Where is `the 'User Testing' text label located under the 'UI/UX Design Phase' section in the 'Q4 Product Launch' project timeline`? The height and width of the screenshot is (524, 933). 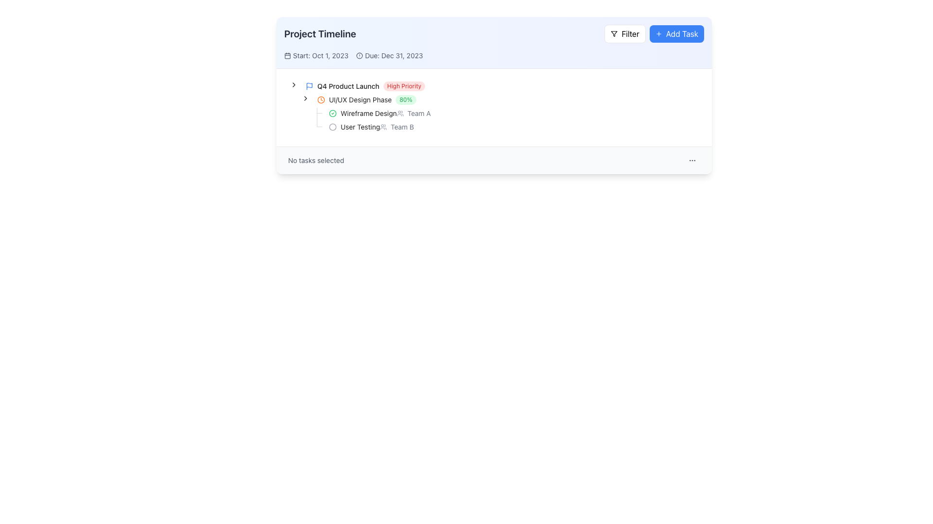 the 'User Testing' text label located under the 'UI/UX Design Phase' section in the 'Q4 Product Launch' project timeline is located at coordinates (360, 127).